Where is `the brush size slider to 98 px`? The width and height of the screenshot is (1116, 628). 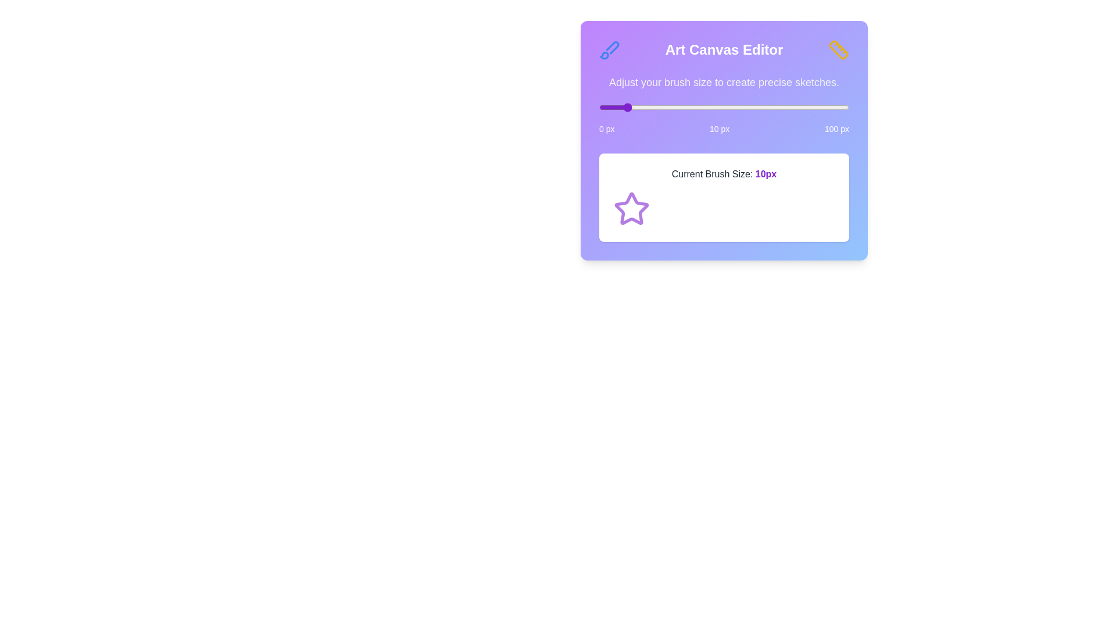
the brush size slider to 98 px is located at coordinates (844, 108).